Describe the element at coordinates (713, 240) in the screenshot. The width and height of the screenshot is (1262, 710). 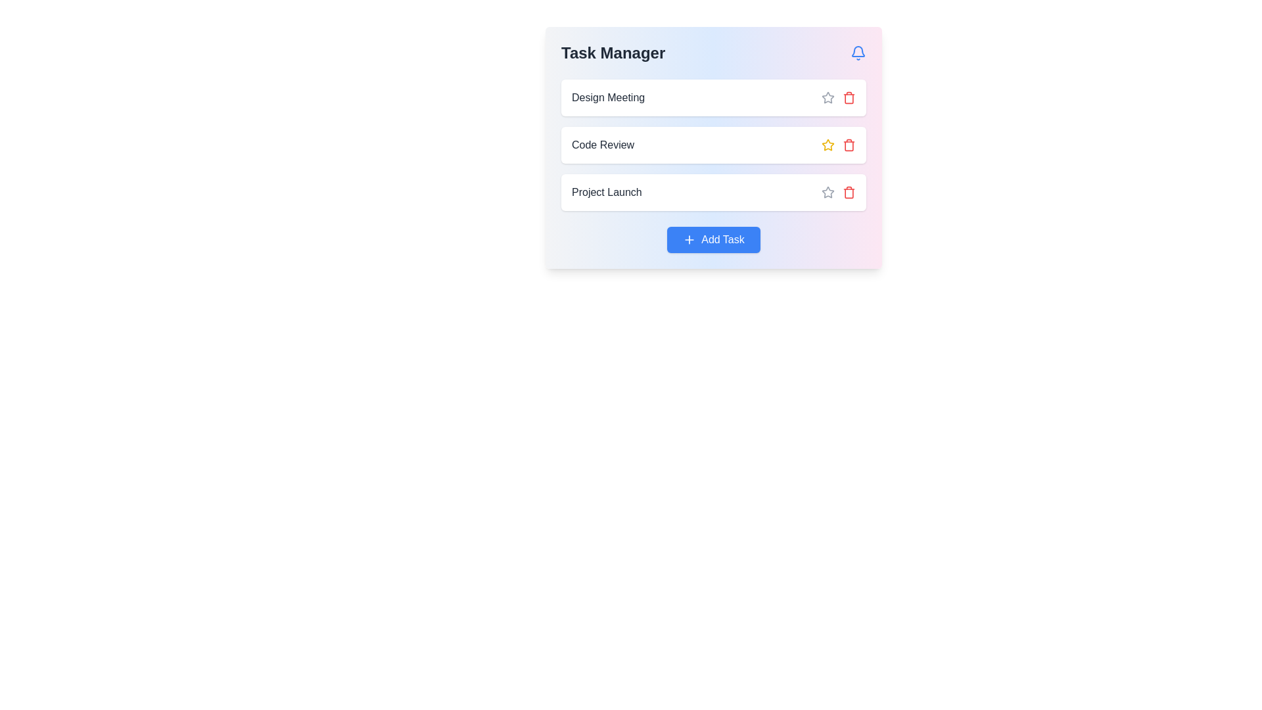
I see `the 'Add Task' button, which is a blue rectangular button with white text and a plus icon, located at the bottom center of the 'Task Manager' interface` at that location.